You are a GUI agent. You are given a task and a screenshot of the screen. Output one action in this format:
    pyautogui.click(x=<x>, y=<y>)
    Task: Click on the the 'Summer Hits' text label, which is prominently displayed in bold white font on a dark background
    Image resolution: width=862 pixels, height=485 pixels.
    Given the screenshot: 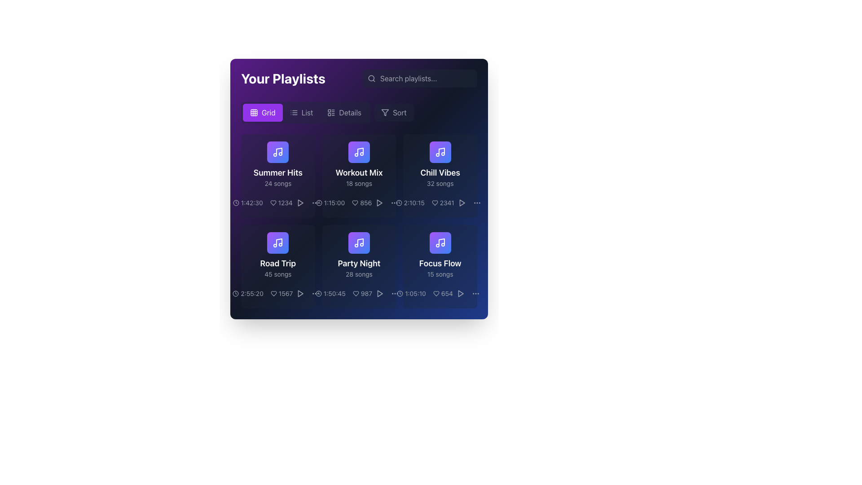 What is the action you would take?
    pyautogui.click(x=277, y=173)
    